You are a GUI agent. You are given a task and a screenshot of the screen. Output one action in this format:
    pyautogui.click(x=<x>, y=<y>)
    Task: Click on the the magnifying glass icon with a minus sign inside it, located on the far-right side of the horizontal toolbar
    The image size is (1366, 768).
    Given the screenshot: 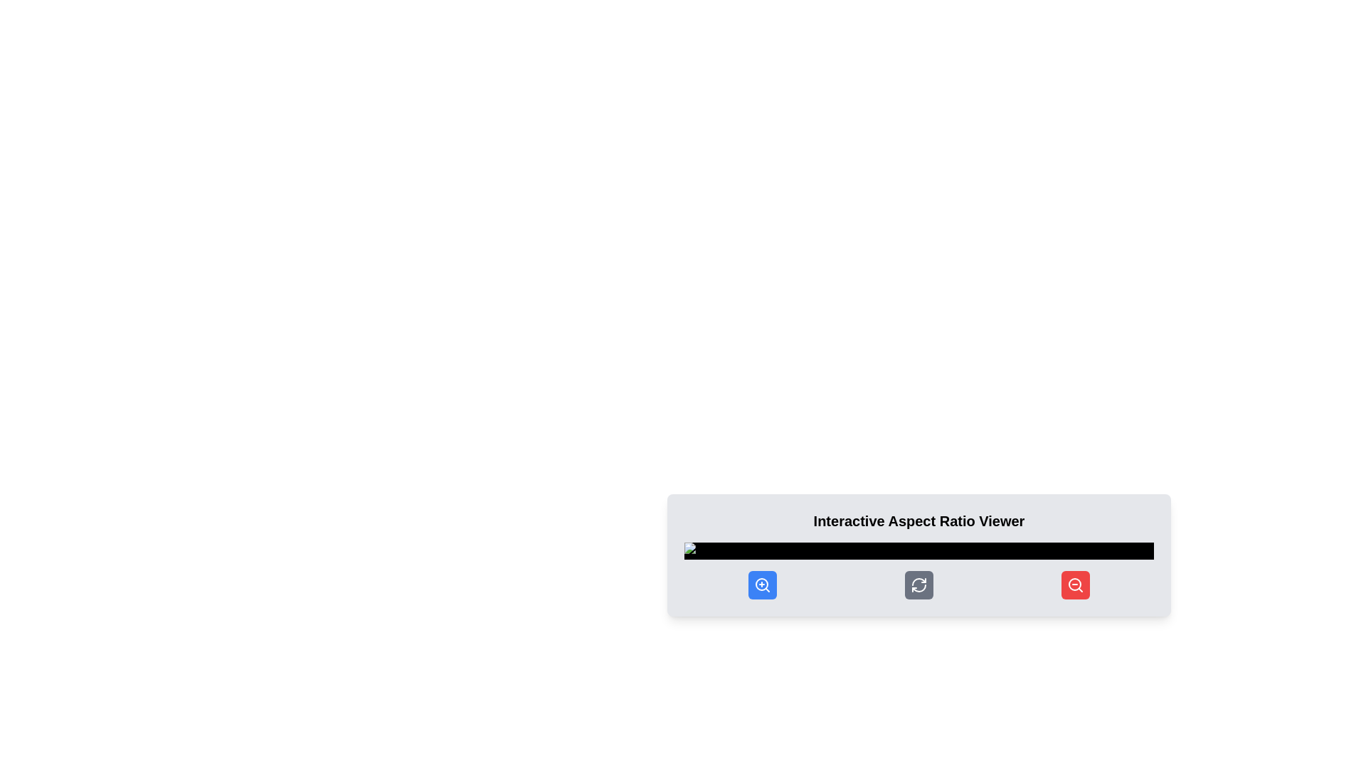 What is the action you would take?
    pyautogui.click(x=1076, y=585)
    